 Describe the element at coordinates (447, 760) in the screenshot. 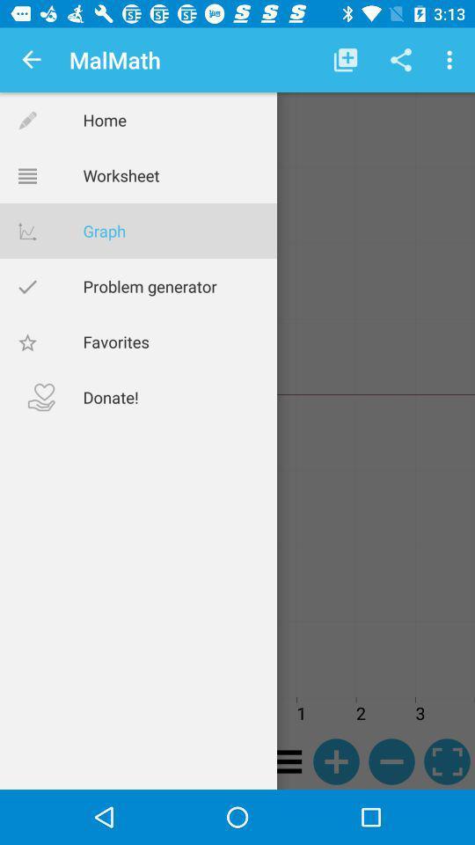

I see `the fullscreen icon` at that location.